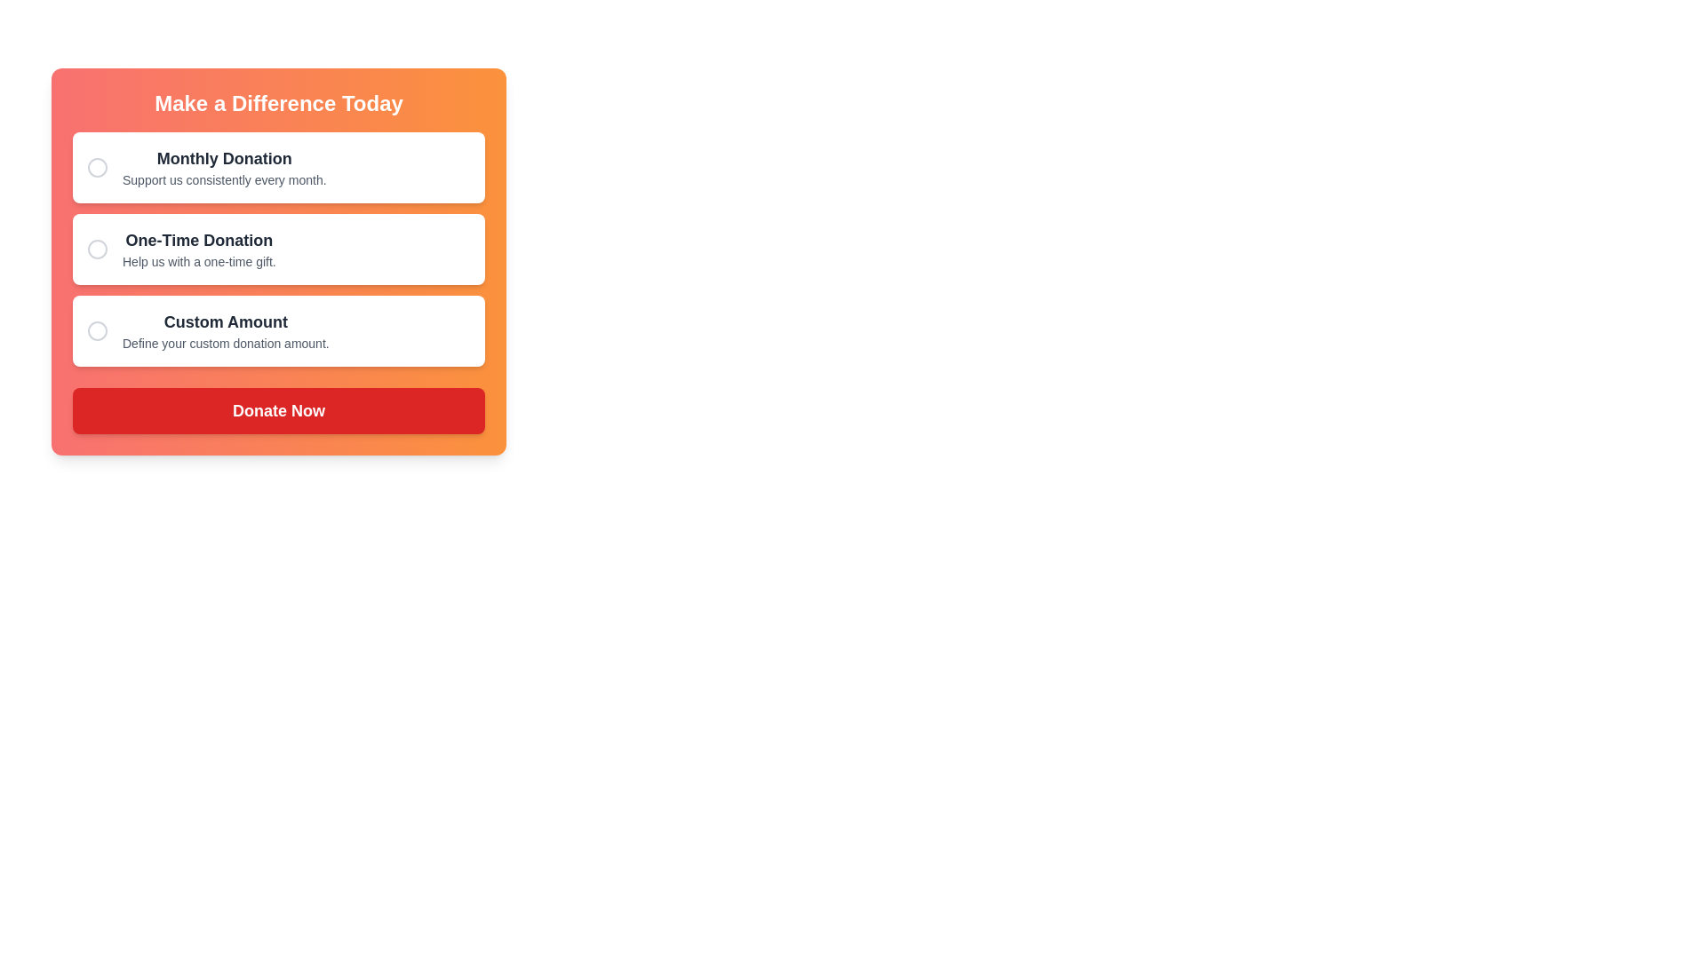 This screenshot has width=1706, height=959. What do you see at coordinates (199, 250) in the screenshot?
I see `the associated card for the 'One-Time Donation' option, which is the second option in the vertical list of donation options within a card that has an orange gradient background` at bounding box center [199, 250].